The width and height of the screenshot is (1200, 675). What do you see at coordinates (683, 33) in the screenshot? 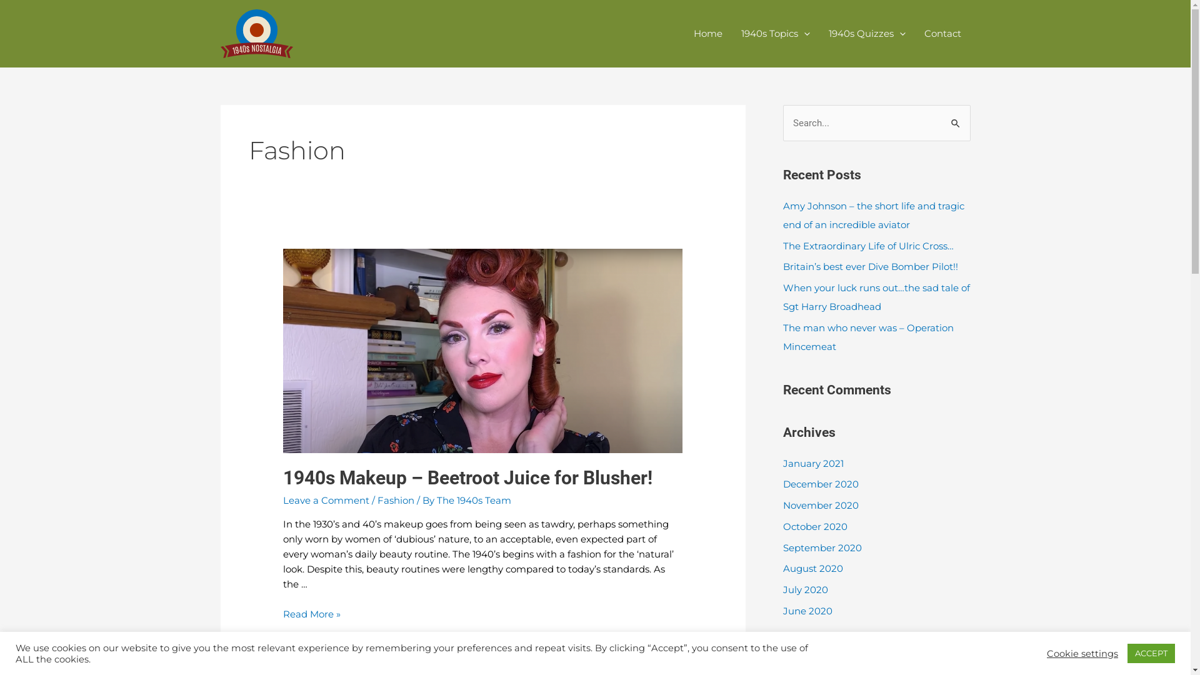
I see `'Home'` at bounding box center [683, 33].